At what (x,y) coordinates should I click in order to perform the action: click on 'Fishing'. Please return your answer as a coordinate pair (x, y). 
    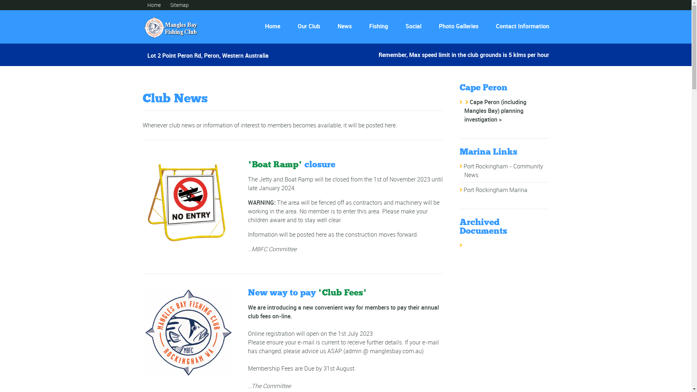
    Looking at the image, I should click on (378, 26).